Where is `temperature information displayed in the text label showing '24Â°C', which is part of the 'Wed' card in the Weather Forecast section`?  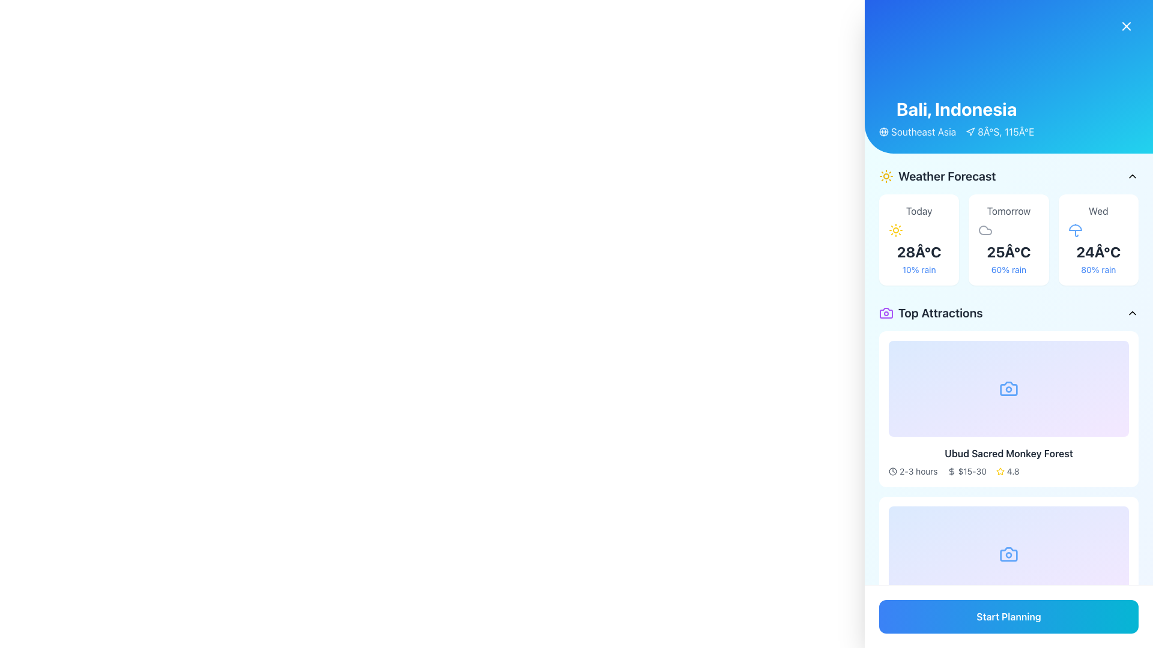
temperature information displayed in the text label showing '24Â°C', which is part of the 'Wed' card in the Weather Forecast section is located at coordinates (1098, 251).